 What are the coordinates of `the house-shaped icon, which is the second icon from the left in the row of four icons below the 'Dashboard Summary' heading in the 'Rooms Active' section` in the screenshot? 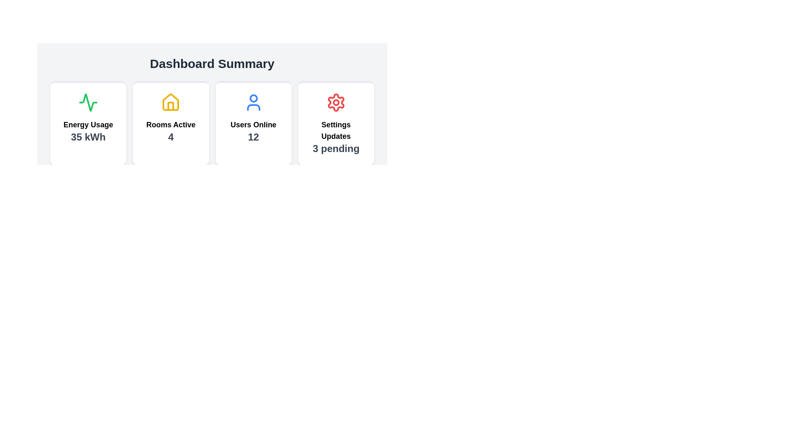 It's located at (170, 101).